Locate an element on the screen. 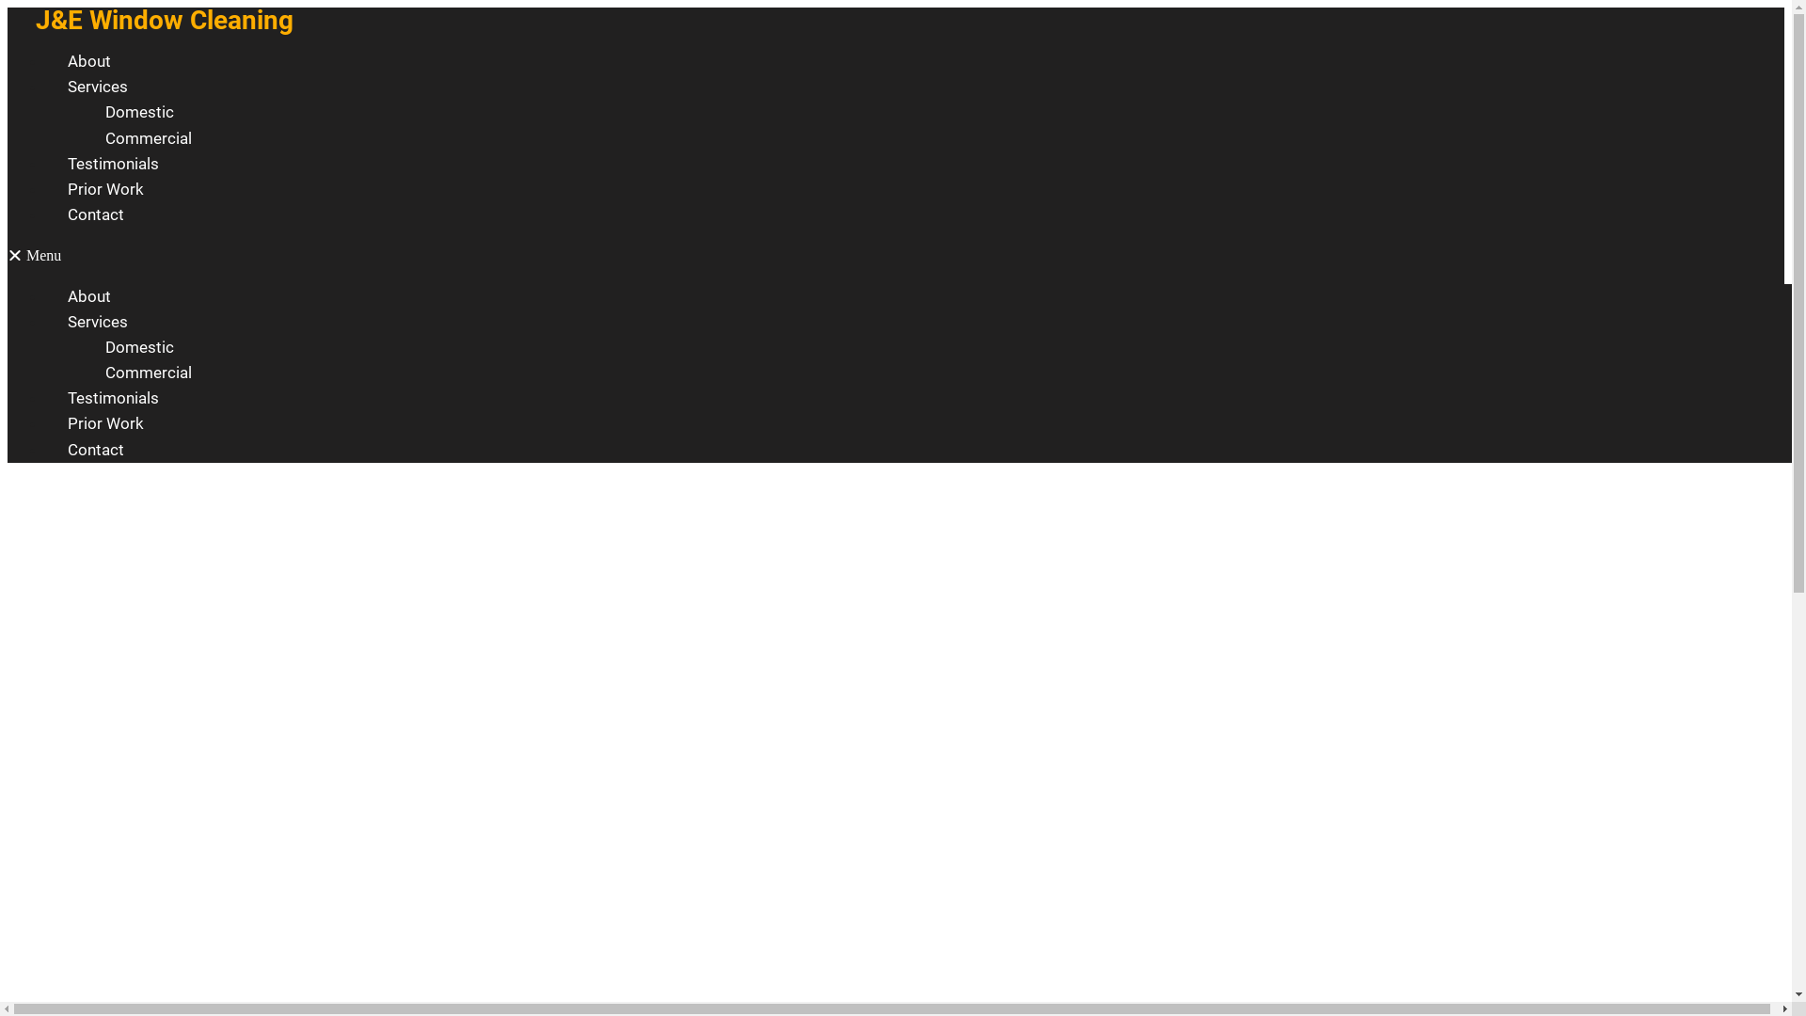  'Prior Work' is located at coordinates (104, 423).